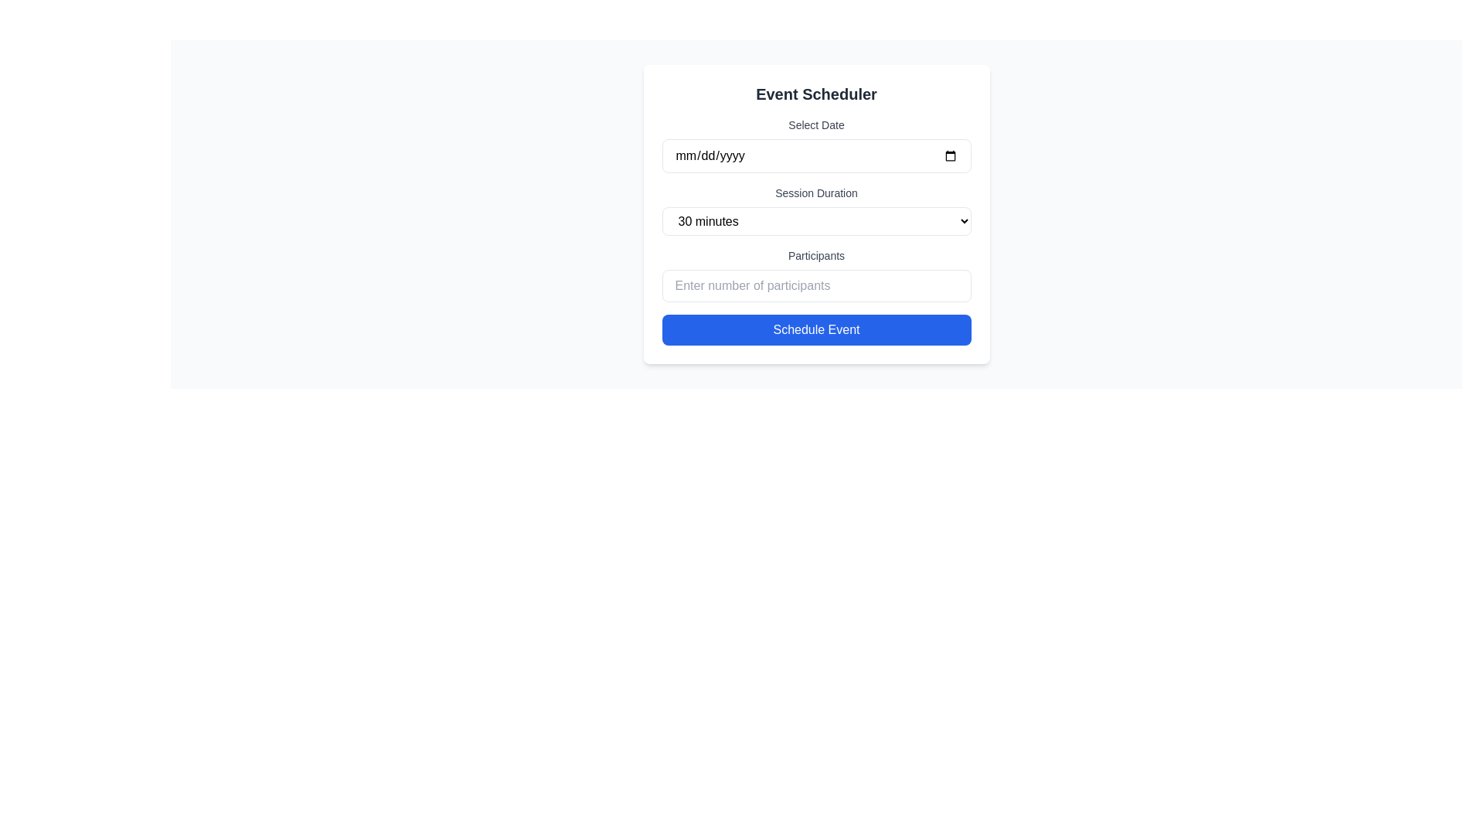  What do you see at coordinates (815, 145) in the screenshot?
I see `the date input field located directly below the heading 'Event Scheduler'` at bounding box center [815, 145].